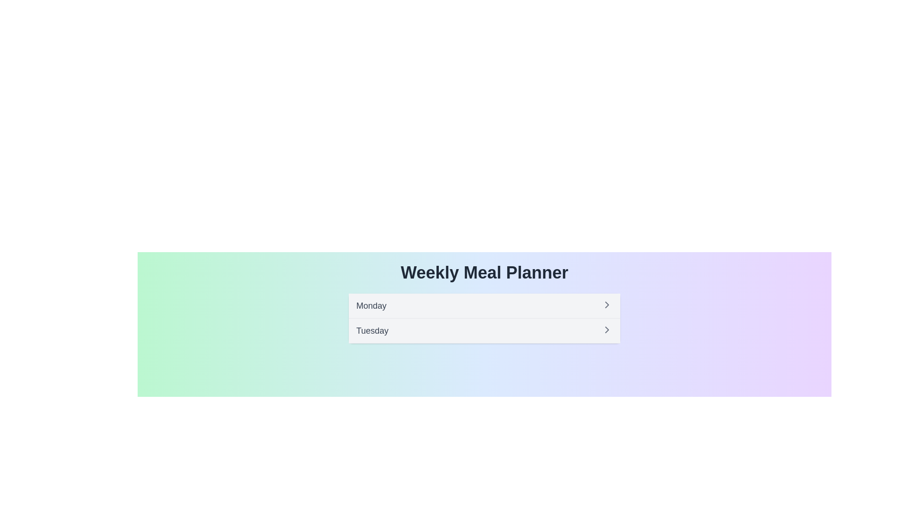 This screenshot has height=509, width=905. Describe the element at coordinates (484, 330) in the screenshot. I see `the second interactive list item labeled 'Tuesday' using keyboard inputs` at that location.